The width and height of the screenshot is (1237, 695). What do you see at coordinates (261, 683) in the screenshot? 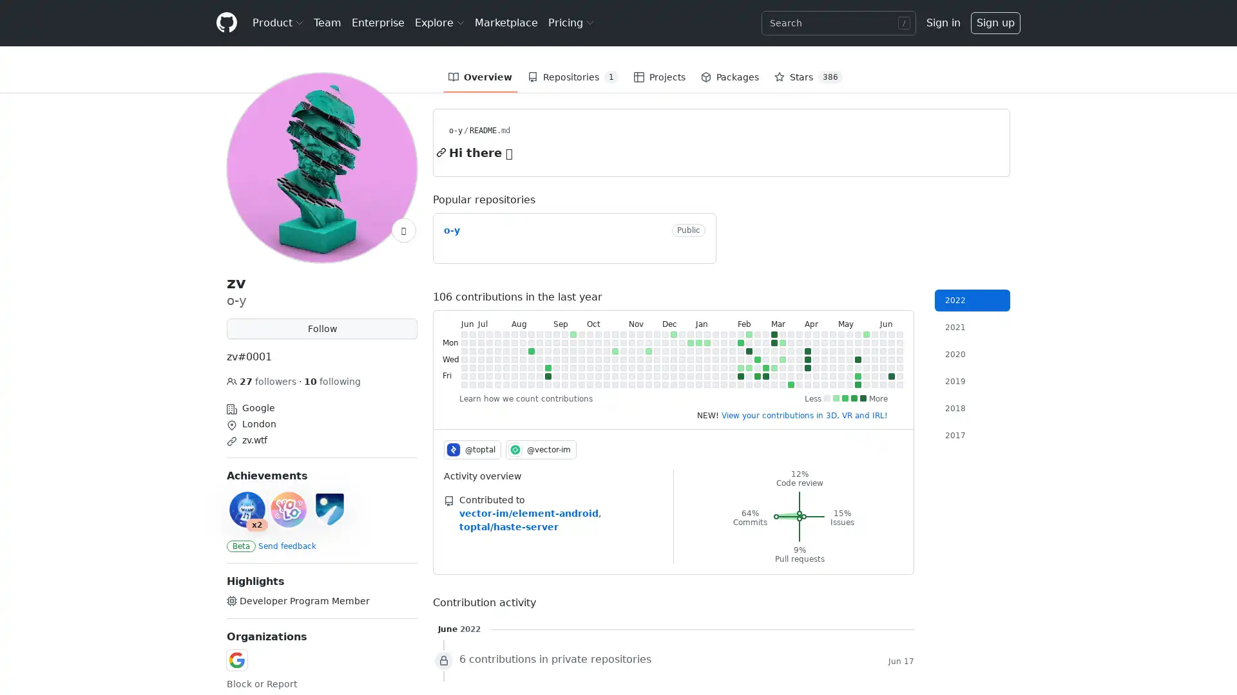
I see `Block or Report` at bounding box center [261, 683].